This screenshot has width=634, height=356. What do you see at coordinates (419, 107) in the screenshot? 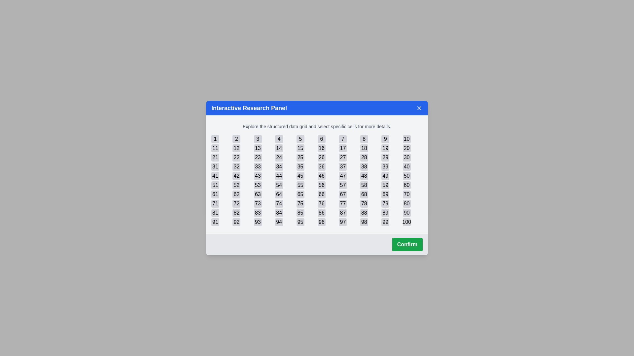
I see `the close button in the top-right corner of the dialog` at bounding box center [419, 107].